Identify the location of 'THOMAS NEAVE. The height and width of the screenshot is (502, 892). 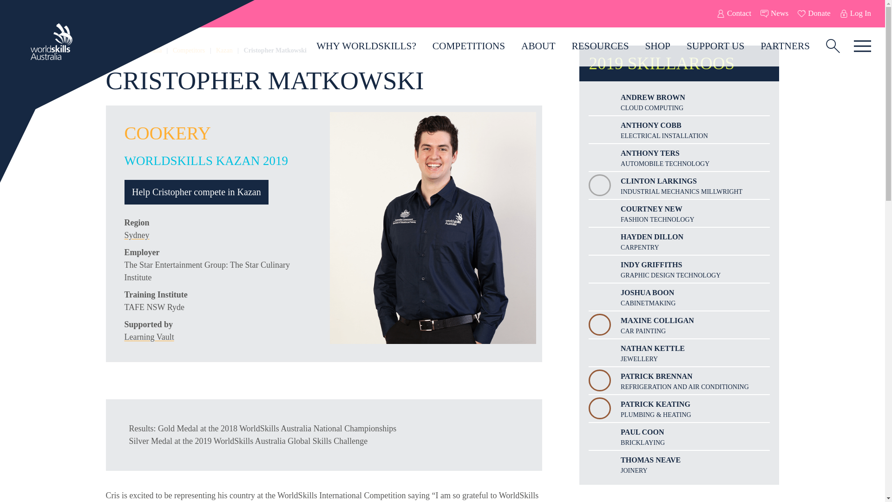
(679, 464).